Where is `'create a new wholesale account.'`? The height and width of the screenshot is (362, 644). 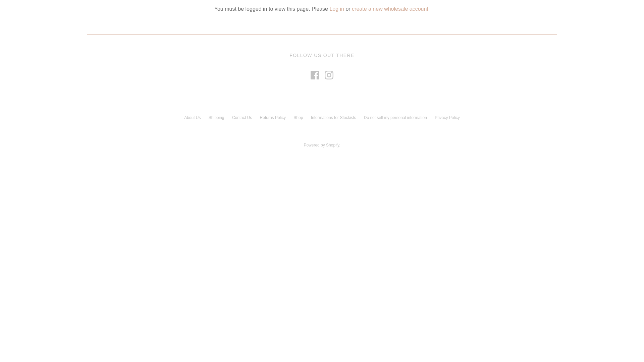 'create a new wholesale account.' is located at coordinates (391, 9).